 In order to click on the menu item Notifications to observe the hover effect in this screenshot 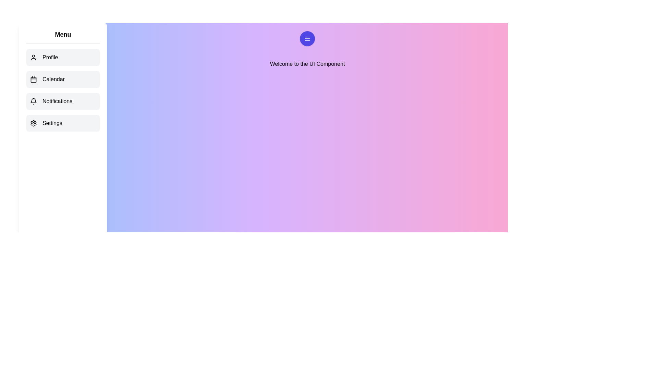, I will do `click(63, 101)`.